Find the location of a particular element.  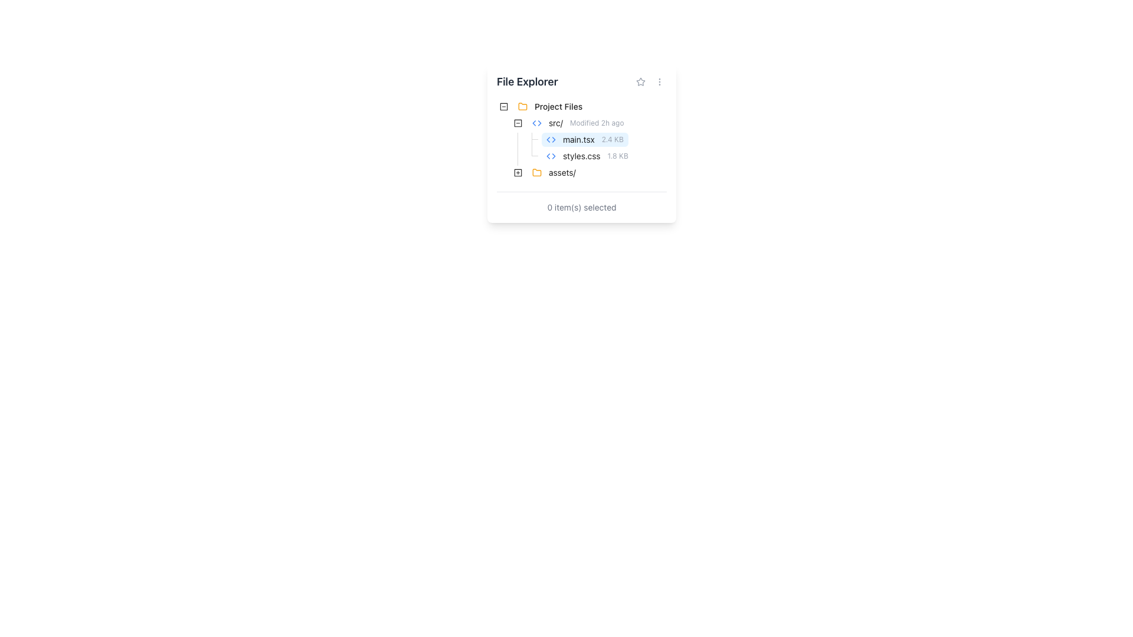

the yellow folder icon for the 'assets/' directory is located at coordinates (536, 172).